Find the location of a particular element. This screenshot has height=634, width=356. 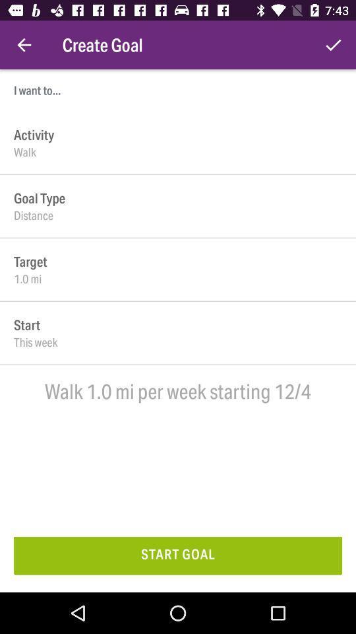

item at the top right corner is located at coordinates (332, 45).